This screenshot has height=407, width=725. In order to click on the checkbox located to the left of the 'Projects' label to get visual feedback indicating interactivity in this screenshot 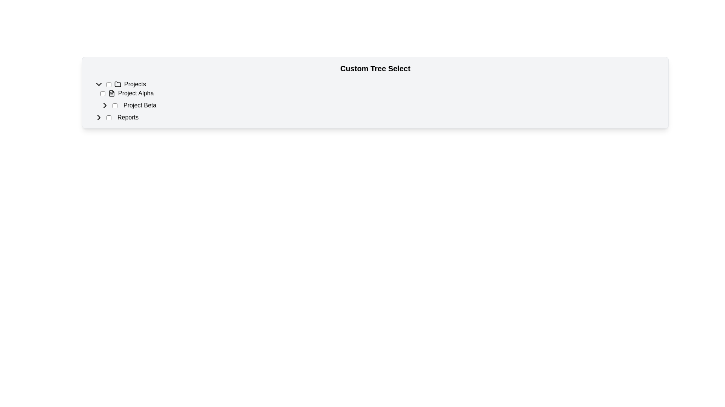, I will do `click(108, 84)`.